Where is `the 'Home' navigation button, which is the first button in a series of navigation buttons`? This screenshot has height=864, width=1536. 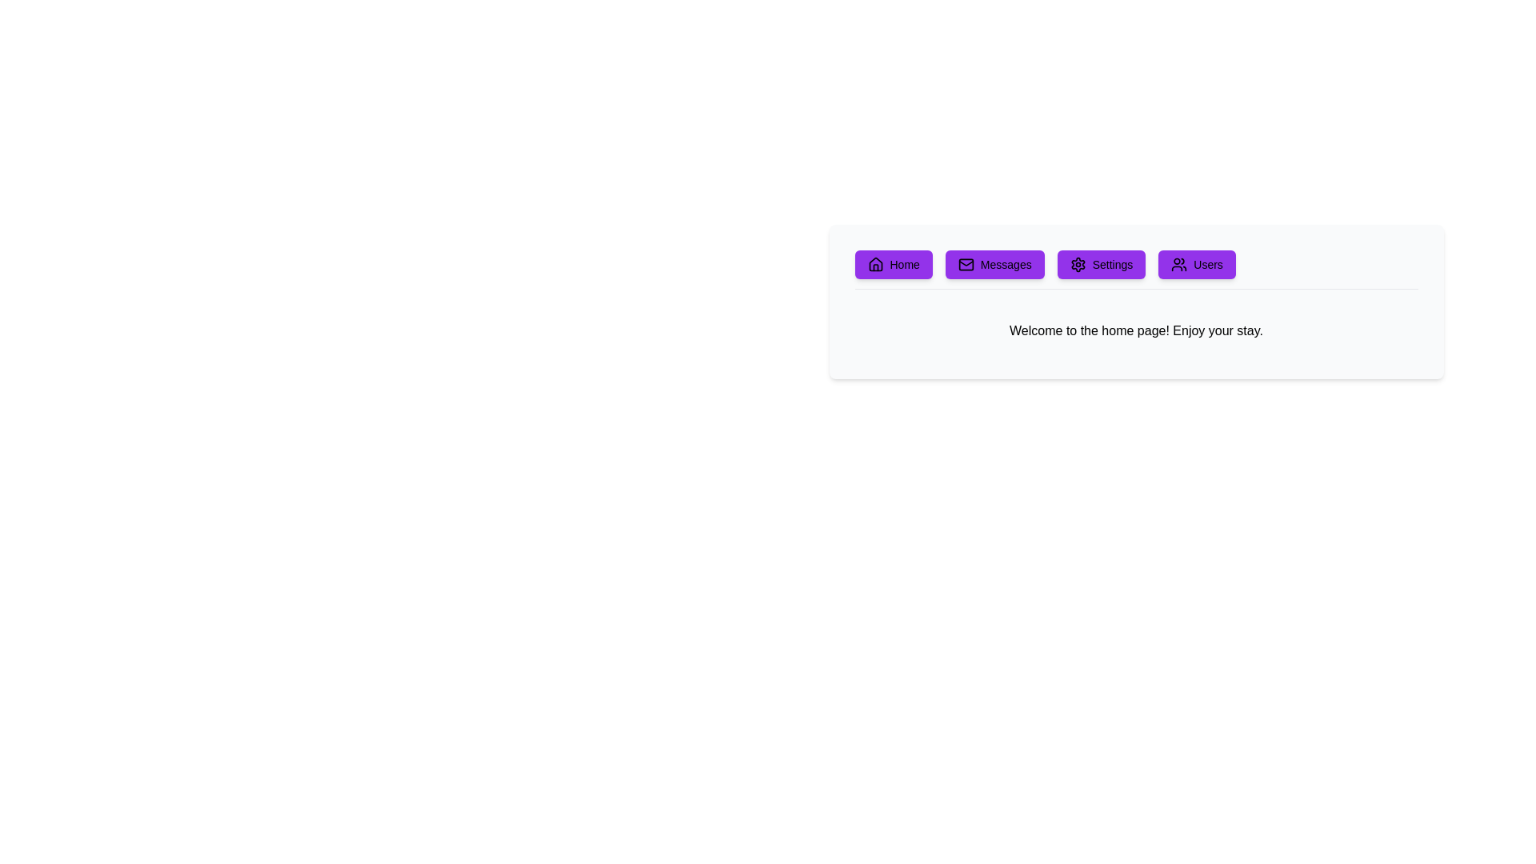
the 'Home' navigation button, which is the first button in a series of navigation buttons is located at coordinates (893, 264).